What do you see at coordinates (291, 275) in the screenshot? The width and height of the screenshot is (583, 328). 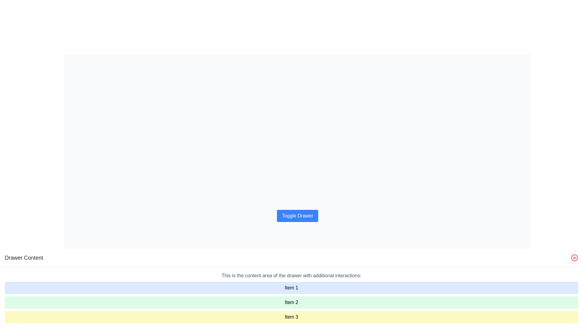 I see `the text block displaying the message 'This is the content area of the drawer with additional interactions:', which is styled in gray and located at the top of the drawer's content section` at bounding box center [291, 275].